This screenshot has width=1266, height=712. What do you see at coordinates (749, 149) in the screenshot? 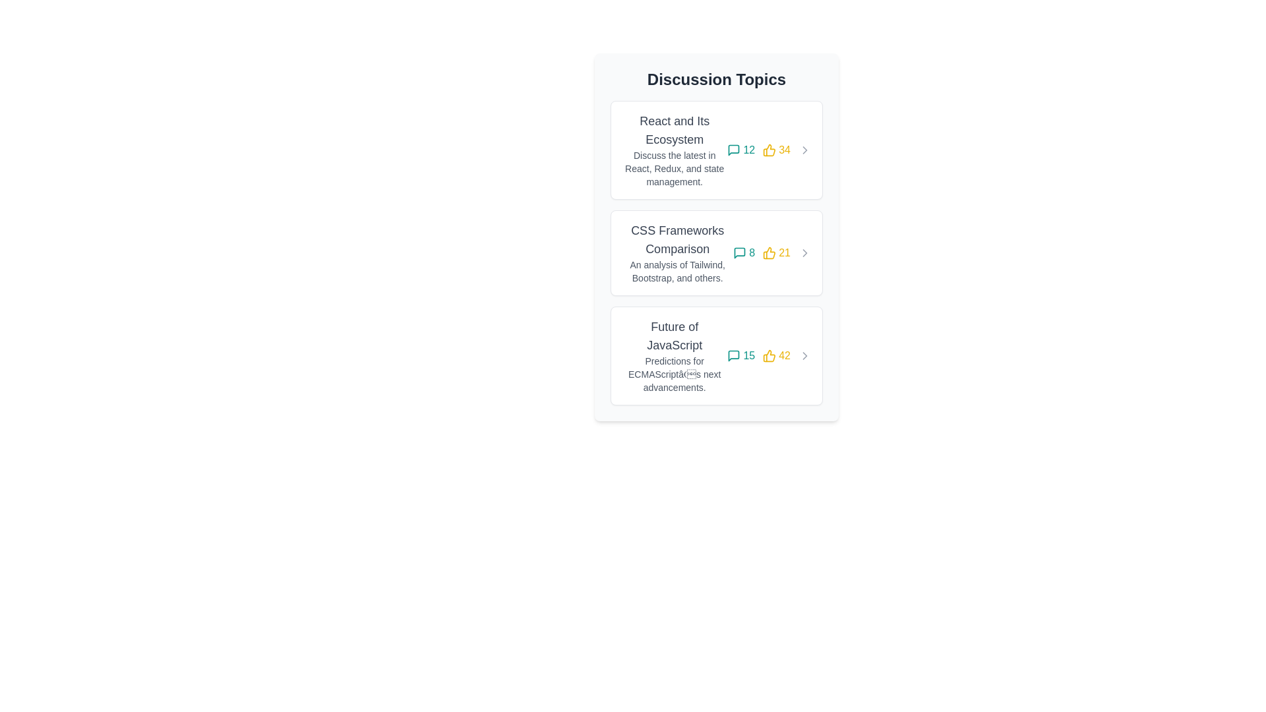
I see `the teal-colored text displaying the number '12', which is styled in a sans-serif font and is part of the discussion topic 'React and Its Ecosystem'` at bounding box center [749, 149].